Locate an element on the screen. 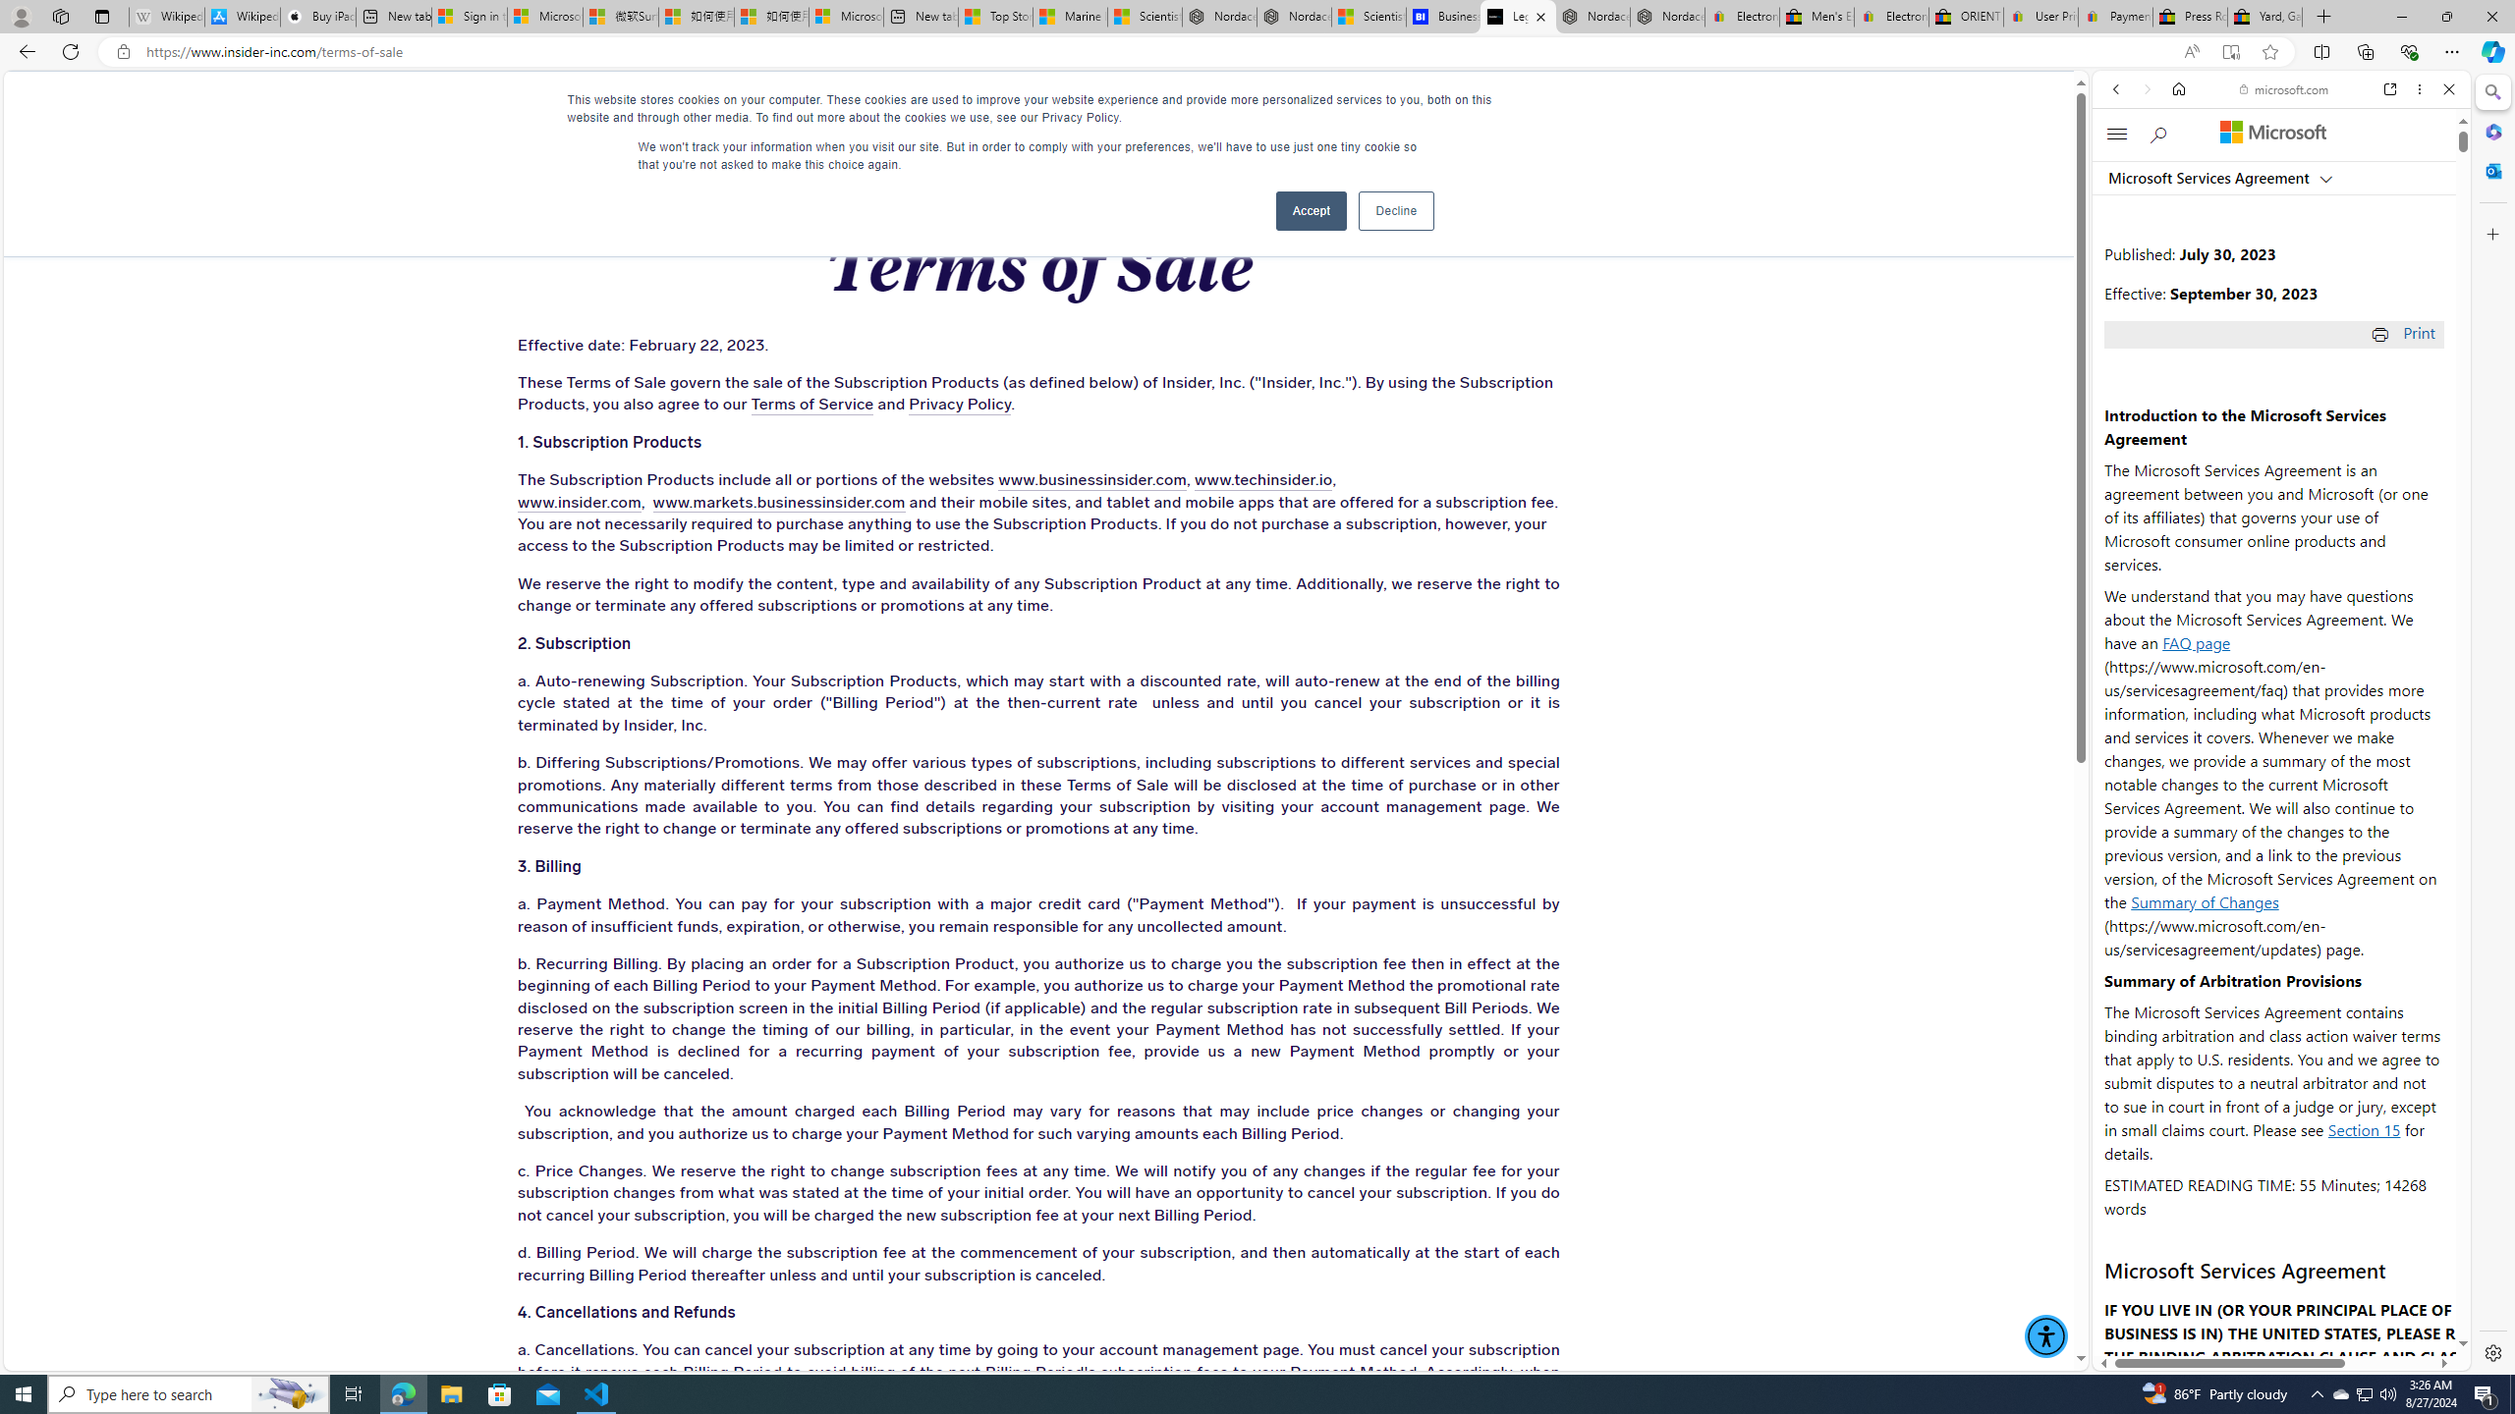 The width and height of the screenshot is (2515, 1414). 'Press Room - eBay Inc.' is located at coordinates (2190, 16).